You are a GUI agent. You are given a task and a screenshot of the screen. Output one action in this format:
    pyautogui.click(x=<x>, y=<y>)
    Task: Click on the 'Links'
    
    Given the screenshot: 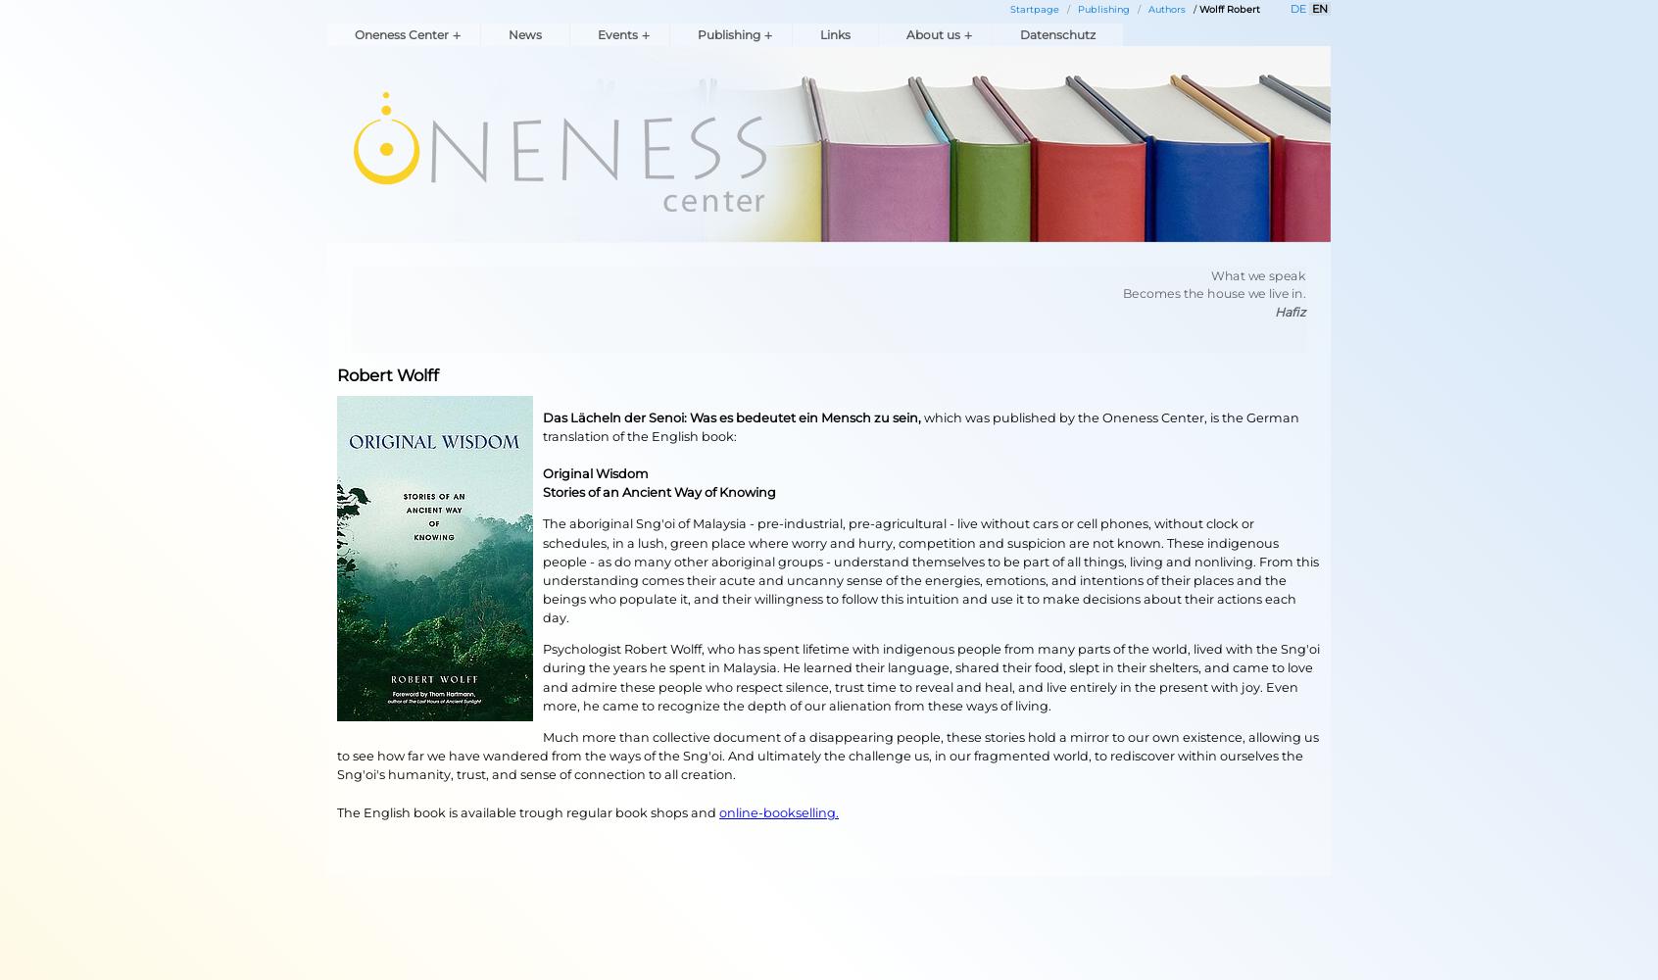 What is the action you would take?
    pyautogui.click(x=834, y=34)
    